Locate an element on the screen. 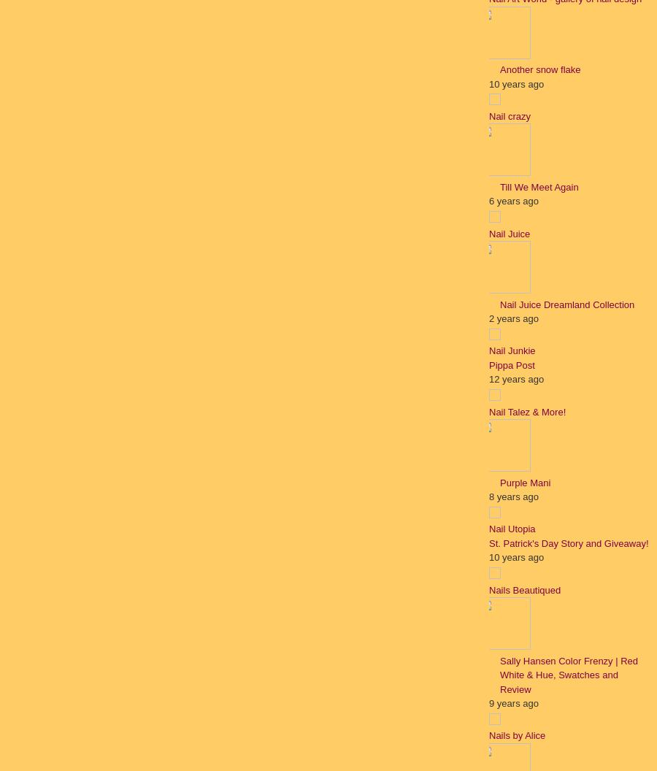  'St. Patrick's Day Story and Giveaway!' is located at coordinates (568, 542).